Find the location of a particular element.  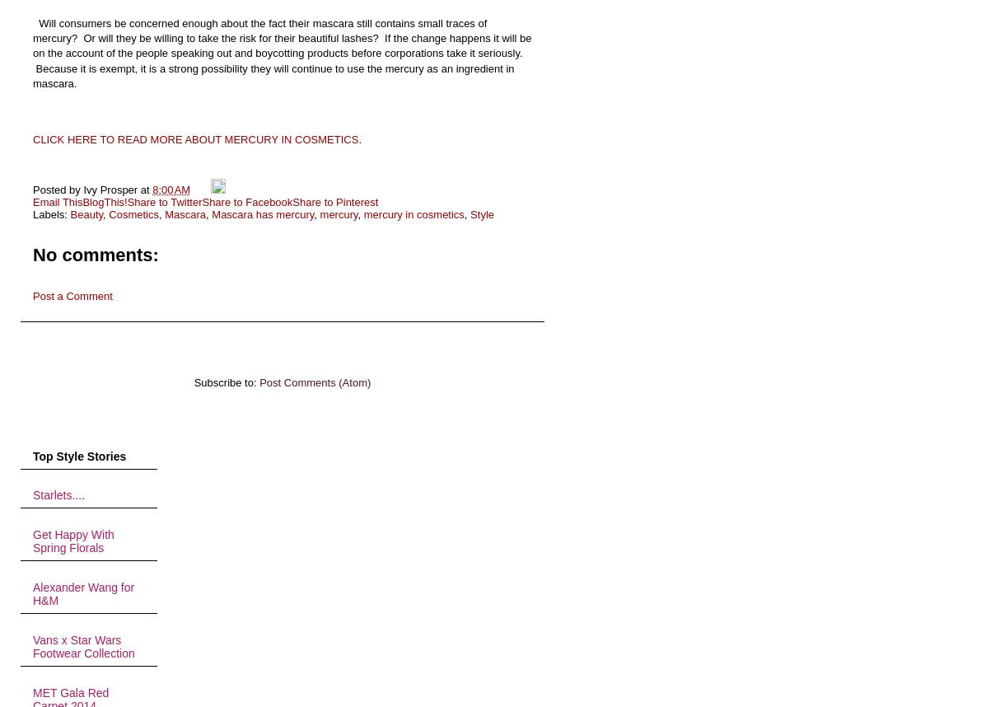

'BlogThis!' is located at coordinates (103, 200).